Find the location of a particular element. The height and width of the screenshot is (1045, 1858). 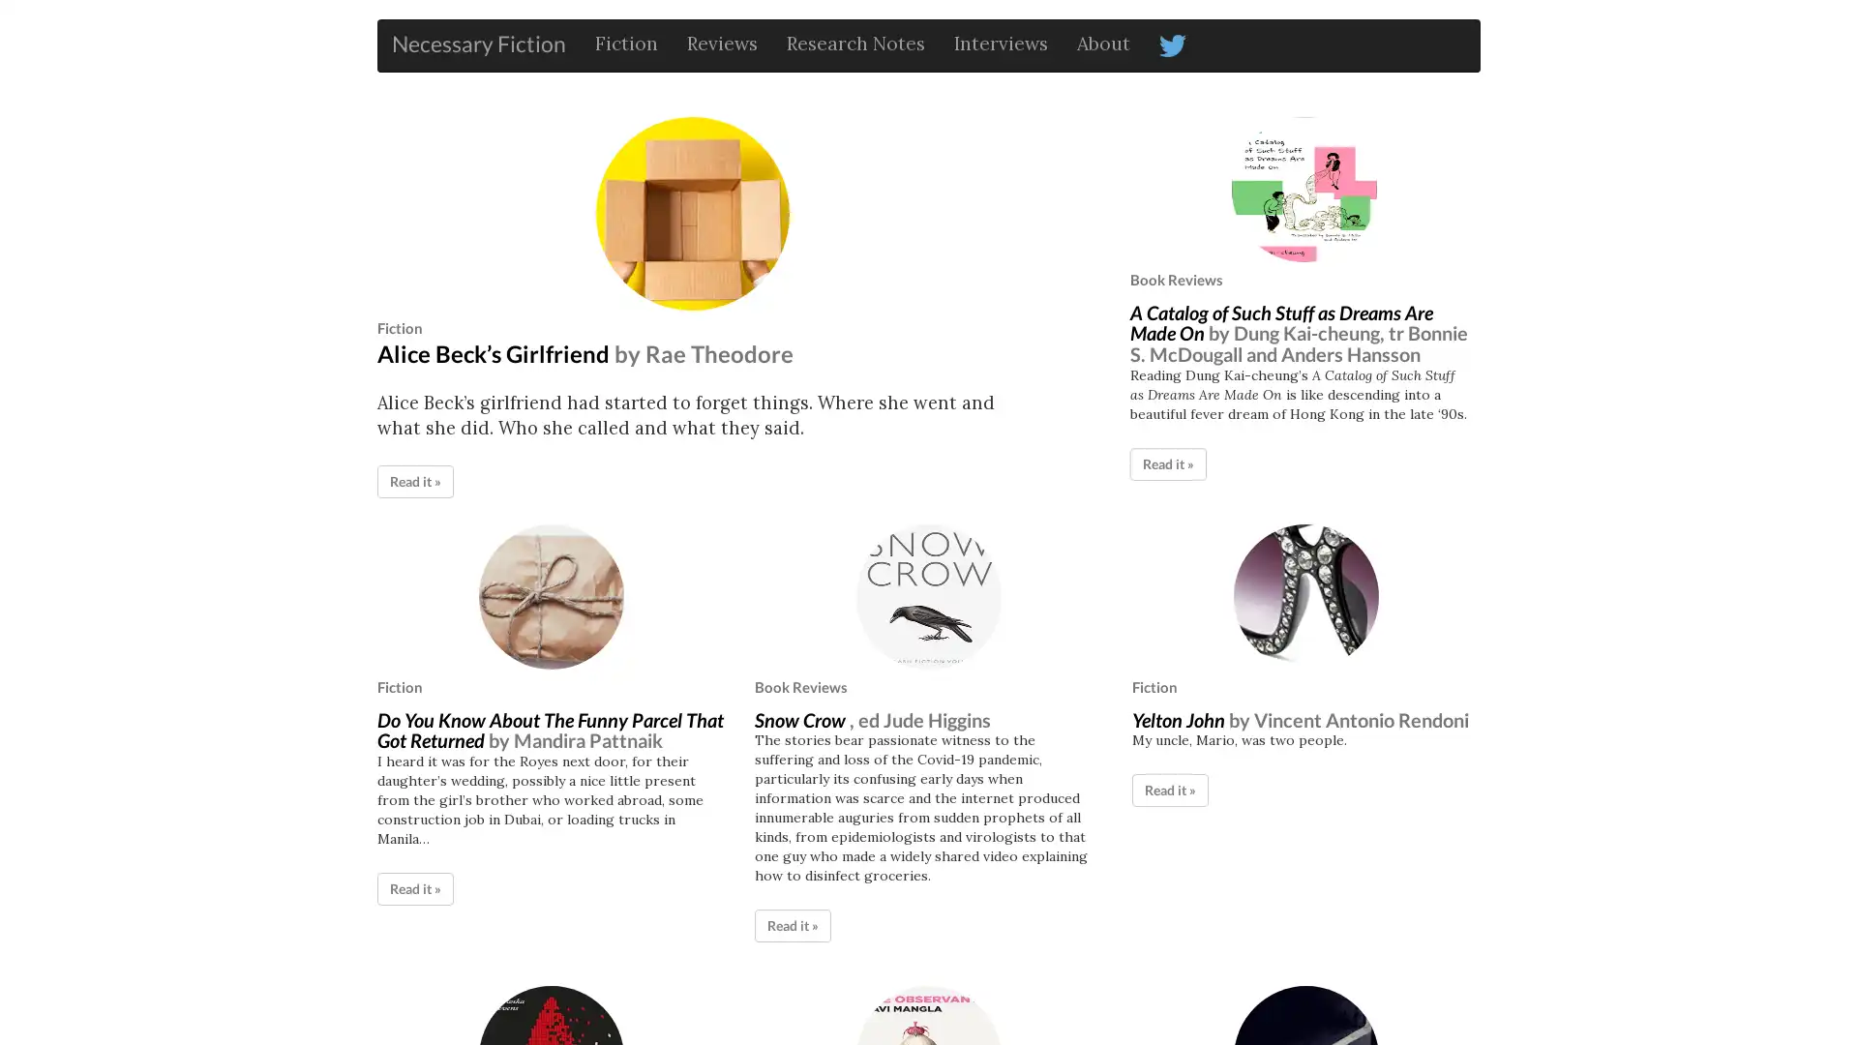

Read it is located at coordinates (1166, 463).